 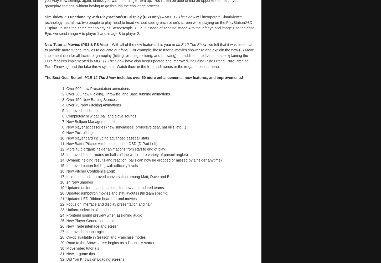 I want to click on 'Updated LED Ribbon board art and movies', so click(x=101, y=198).